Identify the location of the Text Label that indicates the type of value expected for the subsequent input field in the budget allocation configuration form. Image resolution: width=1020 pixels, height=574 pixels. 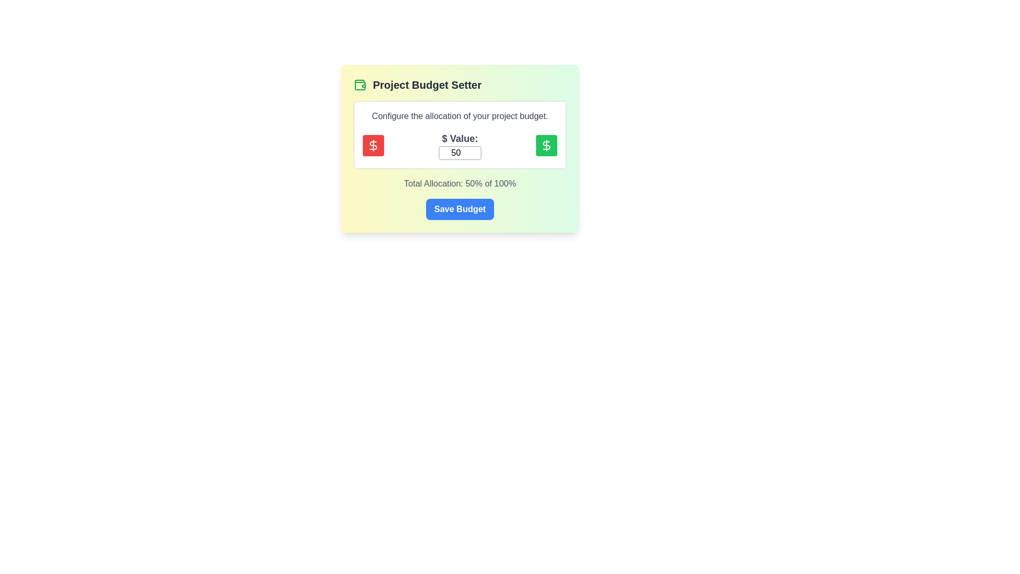
(460, 138).